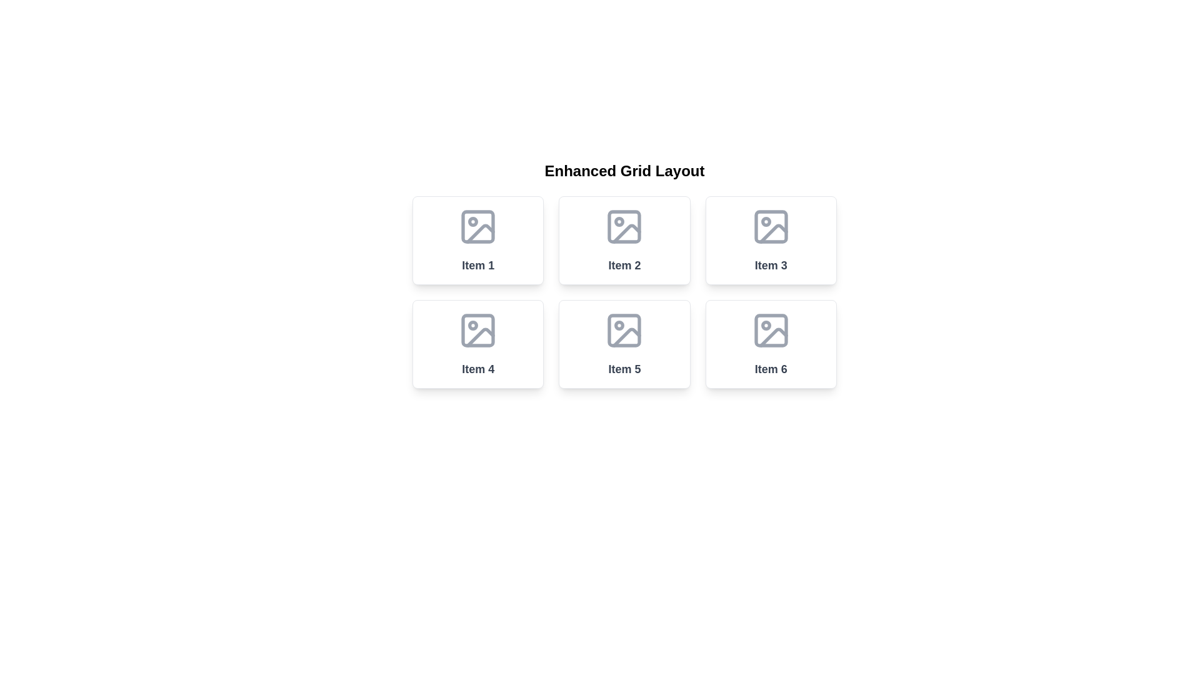 The height and width of the screenshot is (675, 1200). I want to click on the selectable button or card positioned in the top row and third column of the grid layout to trigger a visual effect, so click(770, 241).